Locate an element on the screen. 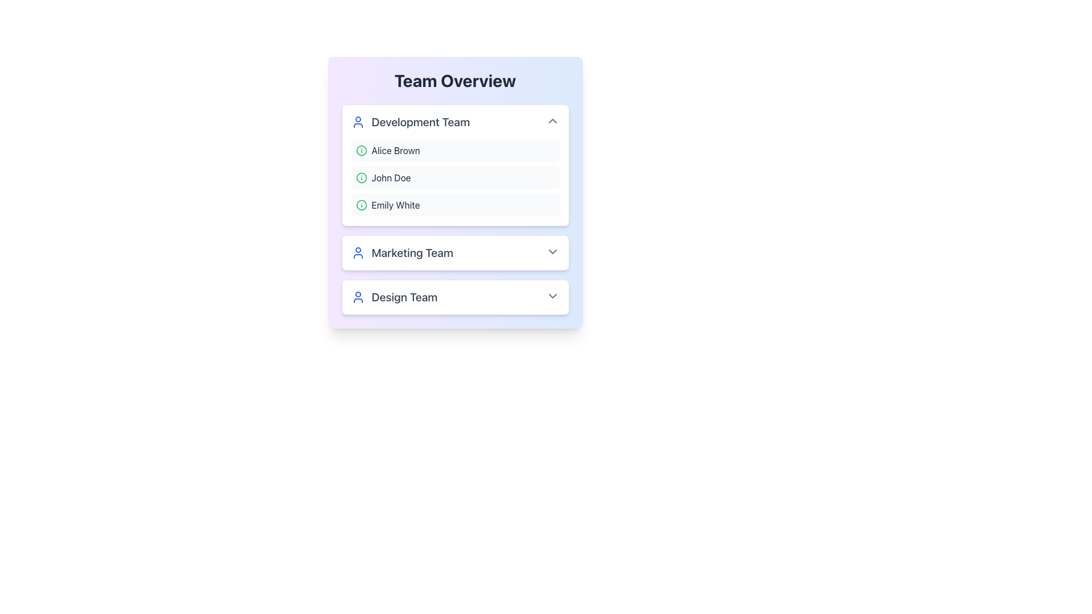  the list item representing 'Alice Brown' is located at coordinates (455, 150).